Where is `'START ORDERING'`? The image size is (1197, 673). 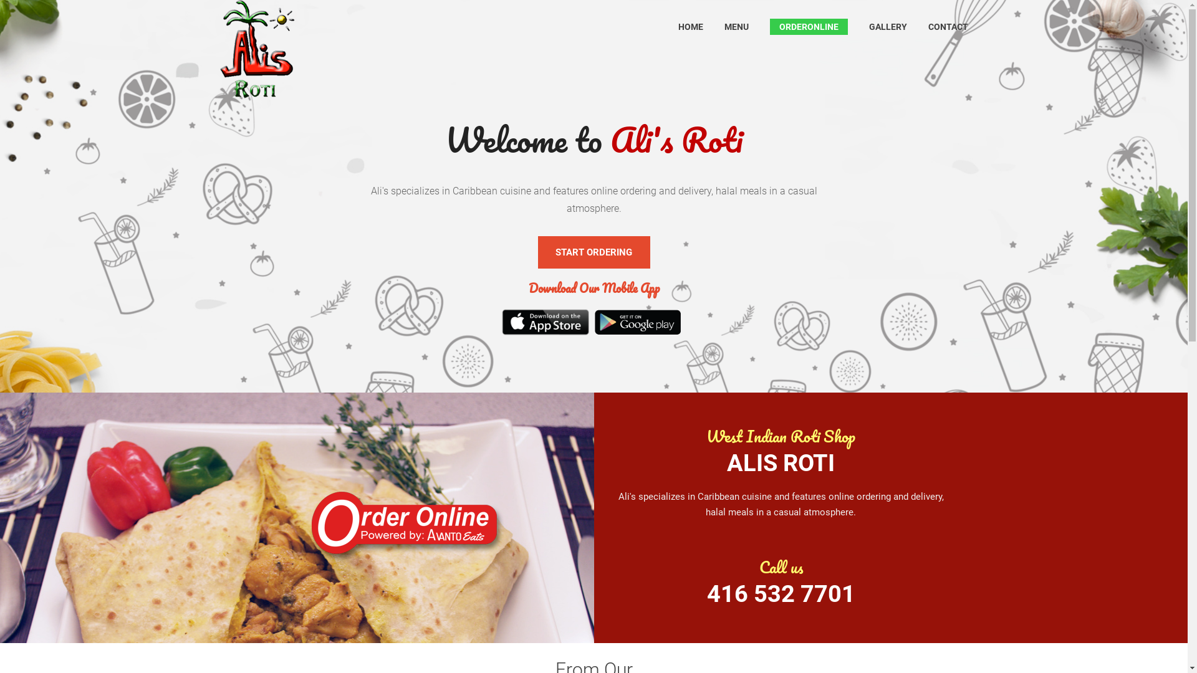
'START ORDERING' is located at coordinates (537, 252).